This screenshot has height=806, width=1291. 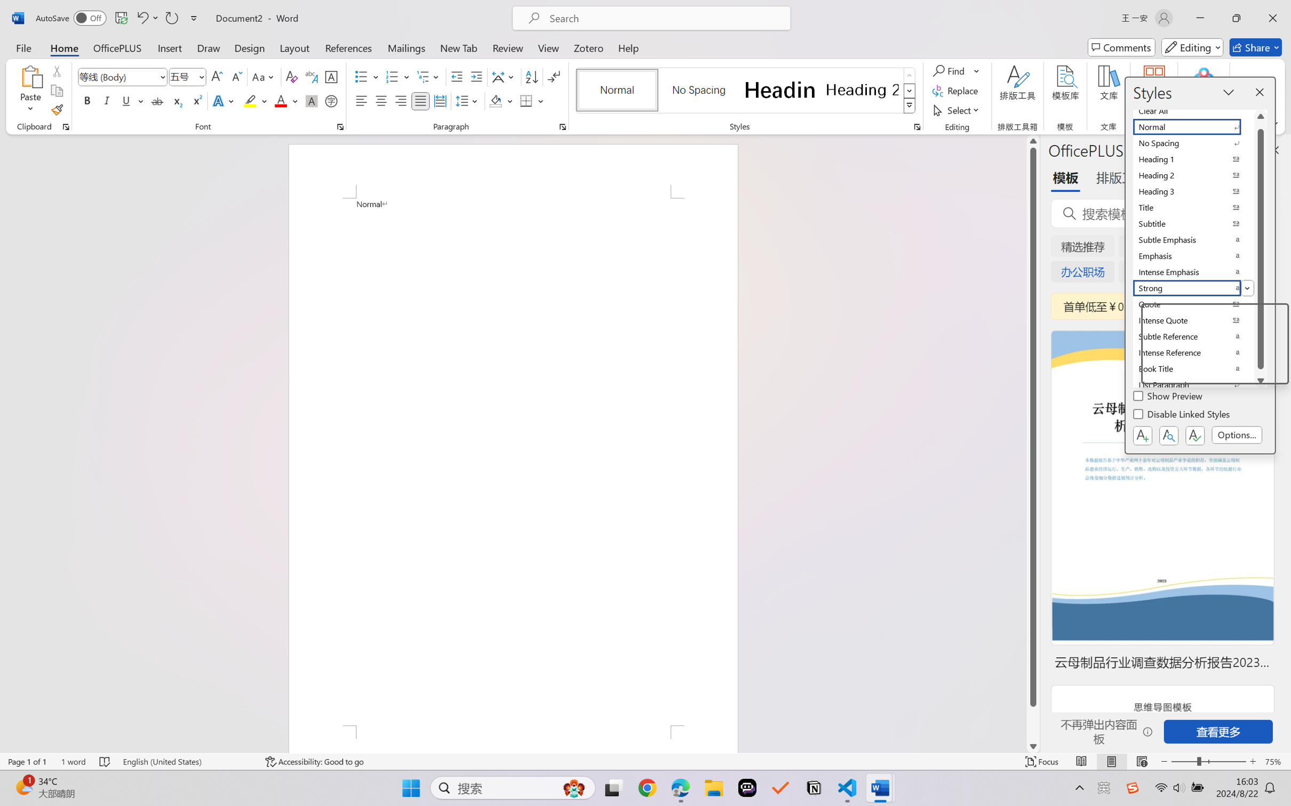 What do you see at coordinates (548, 47) in the screenshot?
I see `'View'` at bounding box center [548, 47].